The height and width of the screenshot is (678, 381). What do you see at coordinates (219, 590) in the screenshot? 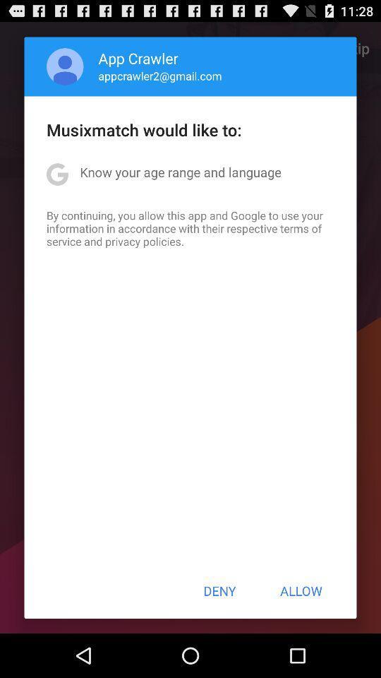
I see `deny button` at bounding box center [219, 590].